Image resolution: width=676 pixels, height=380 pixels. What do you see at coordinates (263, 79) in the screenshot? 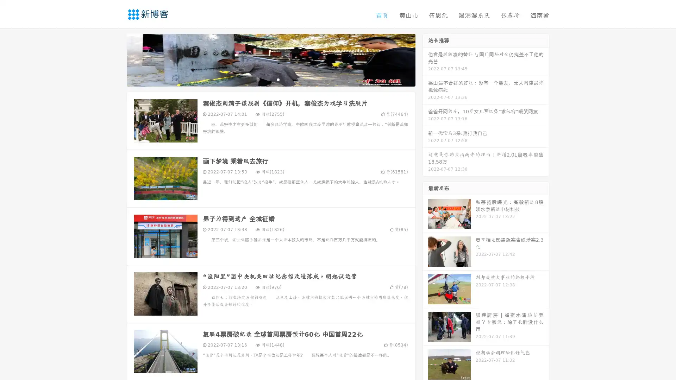
I see `Go to slide 1` at bounding box center [263, 79].